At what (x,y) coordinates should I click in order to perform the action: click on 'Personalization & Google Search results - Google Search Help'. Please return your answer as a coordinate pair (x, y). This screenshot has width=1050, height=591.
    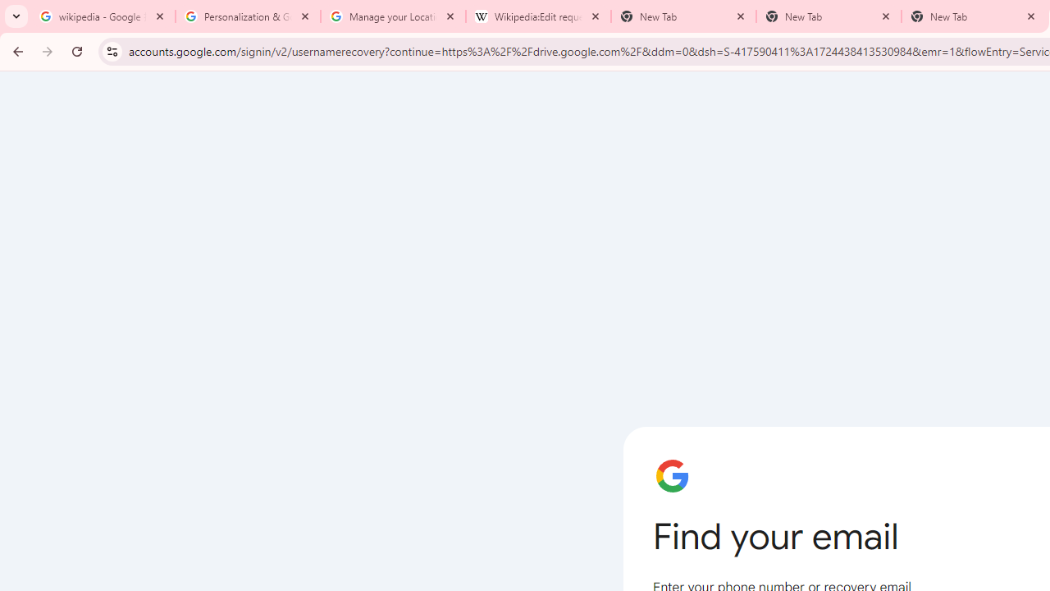
    Looking at the image, I should click on (247, 16).